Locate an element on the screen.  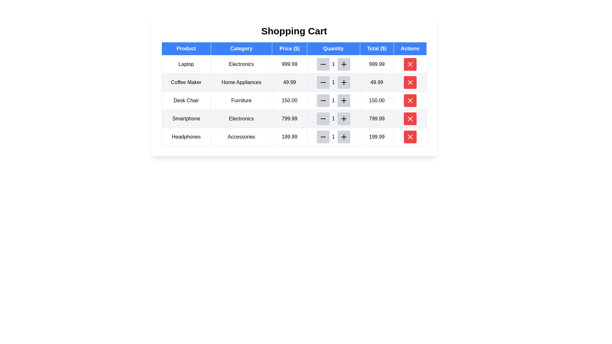
the red square button with rounded corners and a white 'X' icon located in the 'Actions' column of the shopping cart table for 'Headphones' is located at coordinates (410, 136).